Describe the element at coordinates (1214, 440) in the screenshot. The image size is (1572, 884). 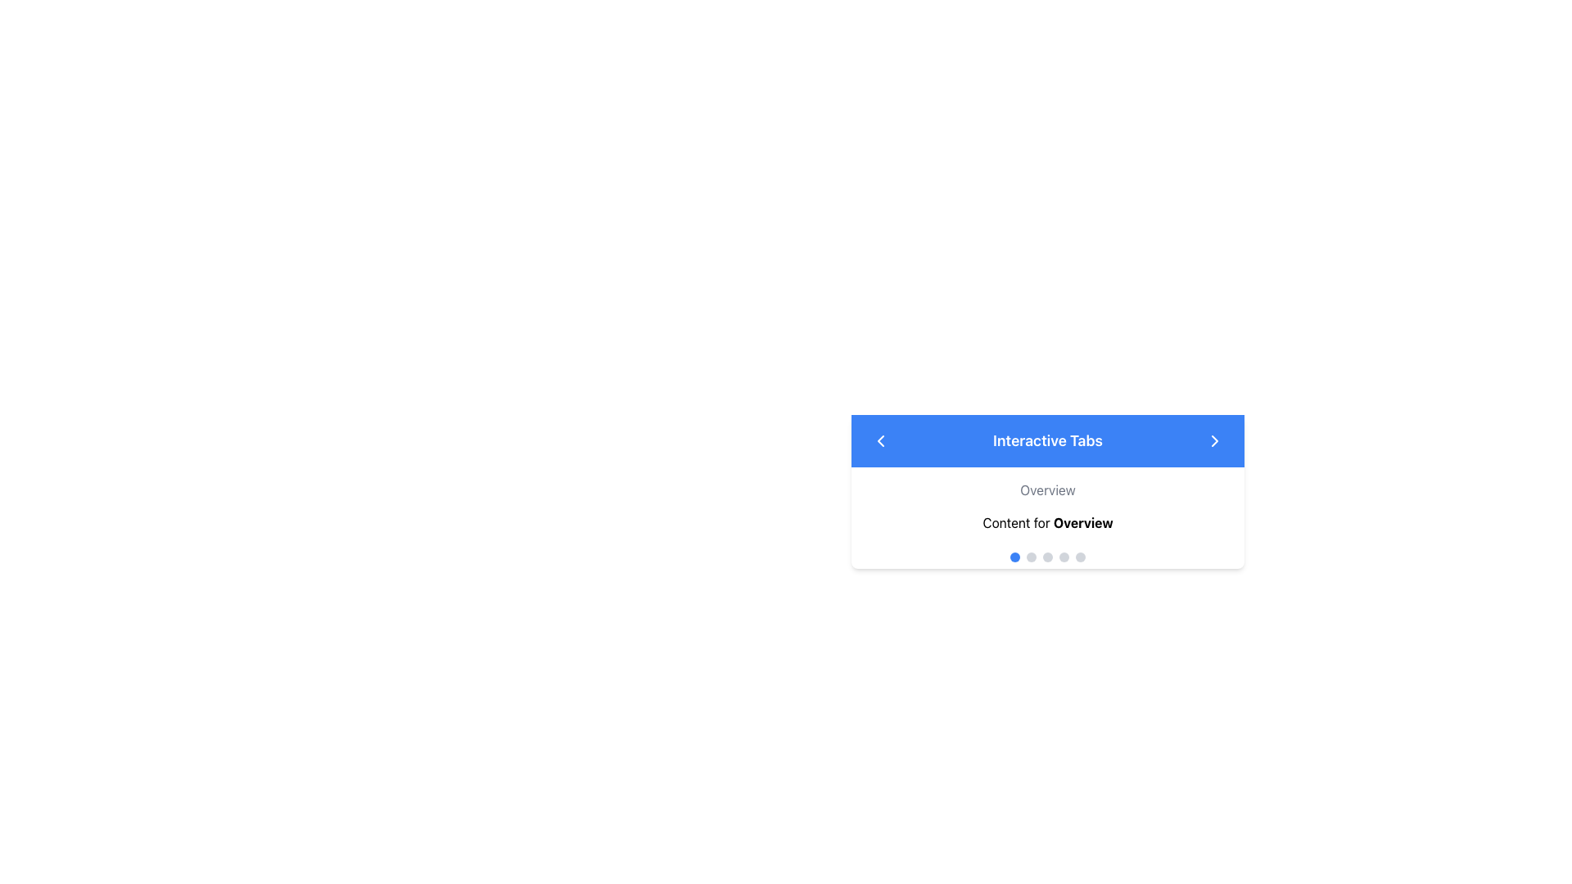
I see `the navigation icon` at that location.